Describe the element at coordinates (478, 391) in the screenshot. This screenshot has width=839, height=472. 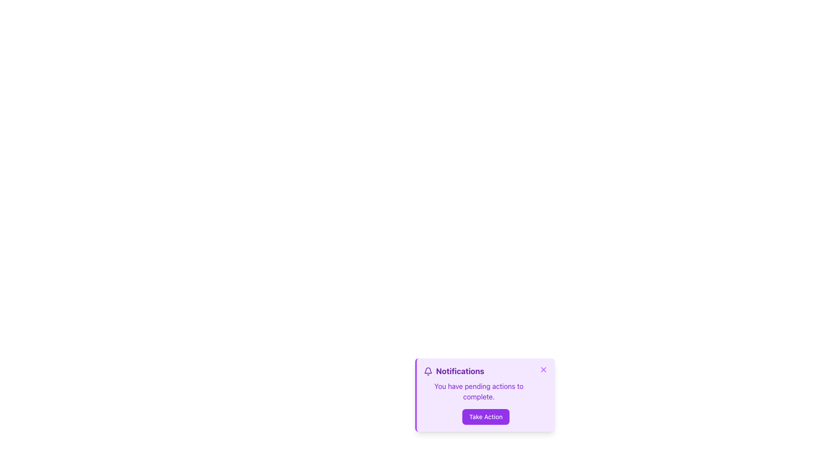
I see `text message displayed in the notification card that states 'You have pending actions to complete.'` at that location.